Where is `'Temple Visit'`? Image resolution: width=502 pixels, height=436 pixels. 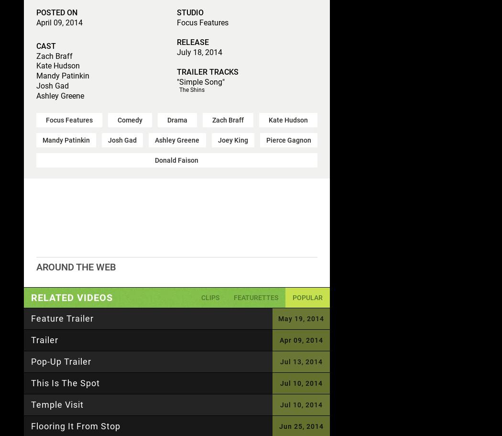 'Temple Visit' is located at coordinates (57, 404).